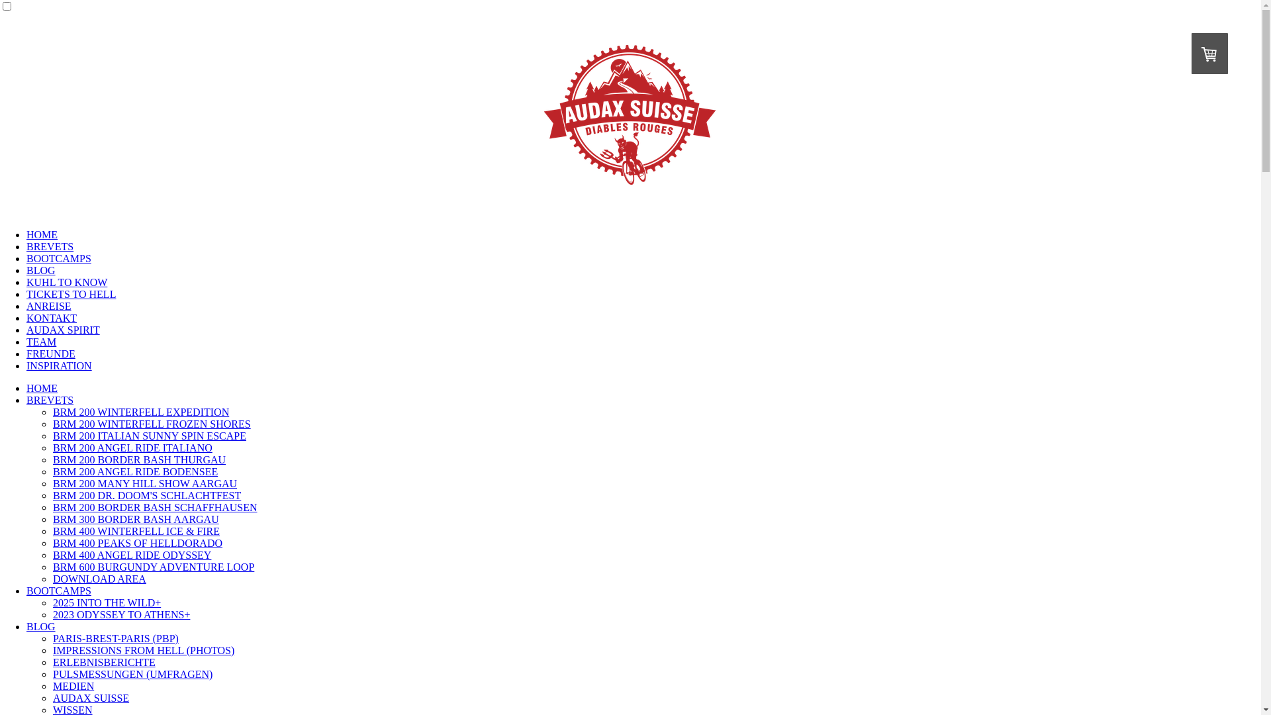  Describe the element at coordinates (26, 341) in the screenshot. I see `'TEAM'` at that location.